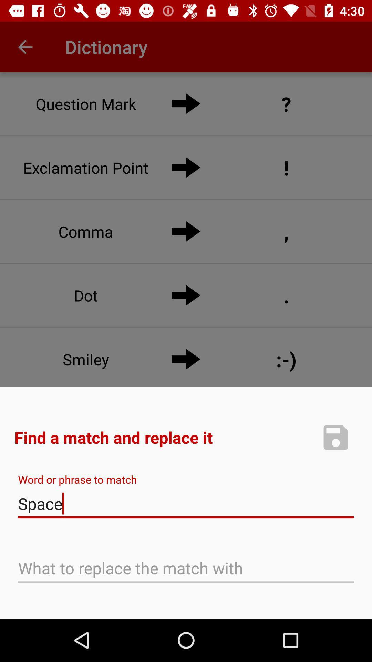 The width and height of the screenshot is (372, 662). What do you see at coordinates (186, 569) in the screenshot?
I see `what to replace the match with` at bounding box center [186, 569].